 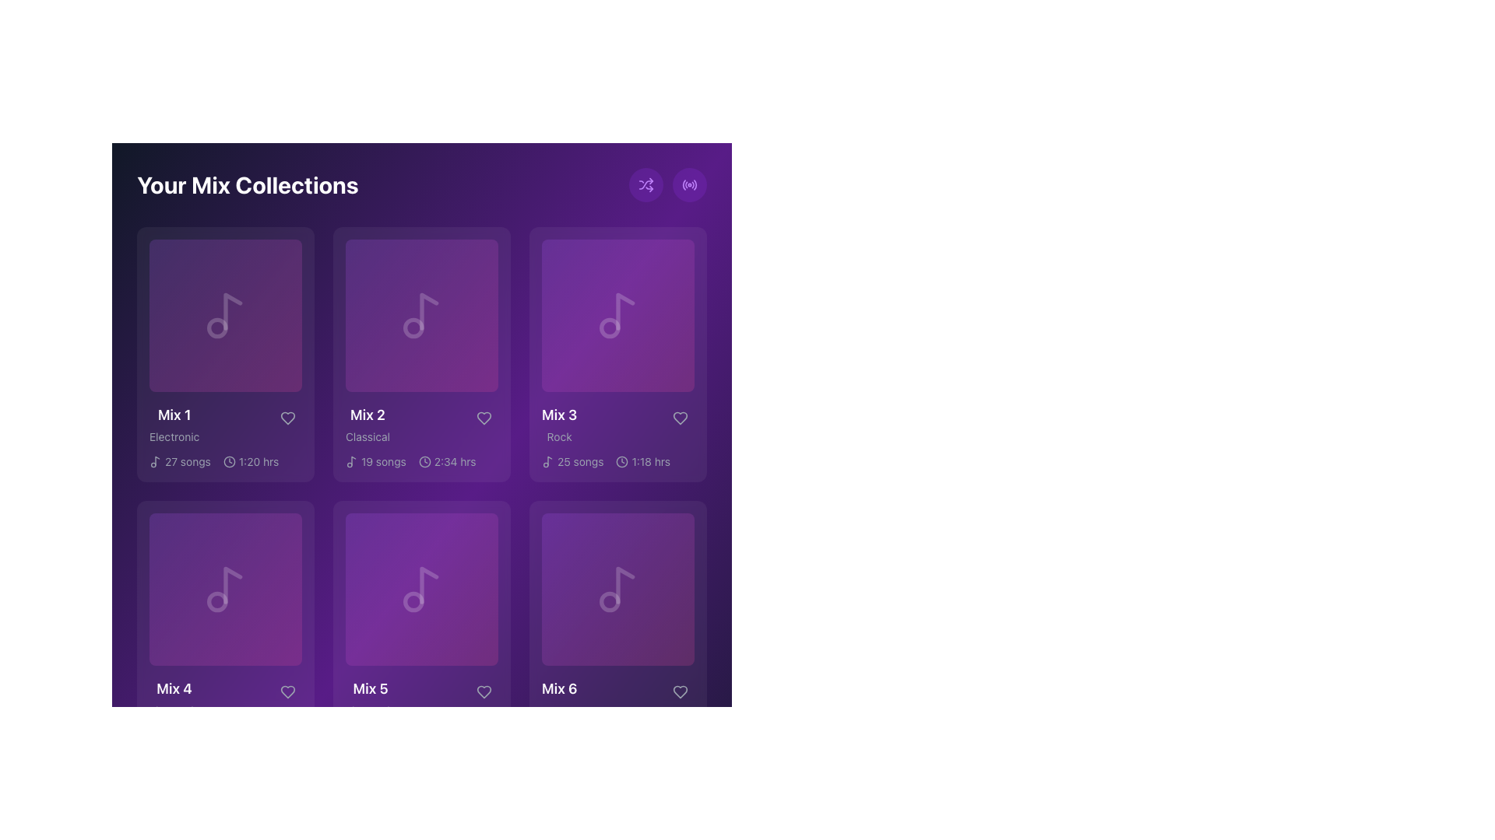 What do you see at coordinates (572, 461) in the screenshot?
I see `the label displaying '25 songs' with a musical note icon, located in the 'Your Mix Collections' section under the title 'Mix 3'` at bounding box center [572, 461].